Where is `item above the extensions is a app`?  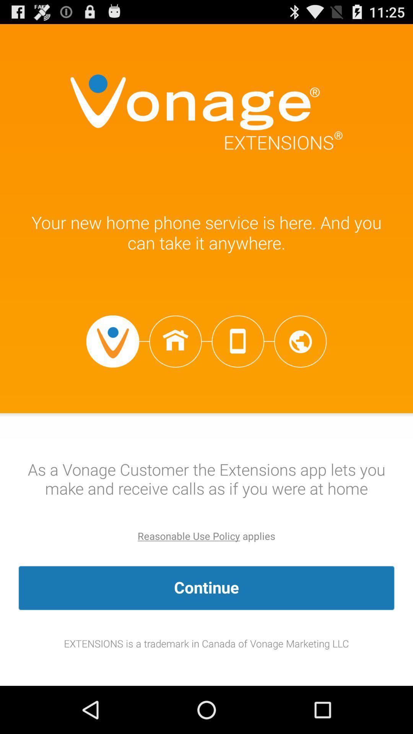
item above the extensions is a app is located at coordinates (206, 588).